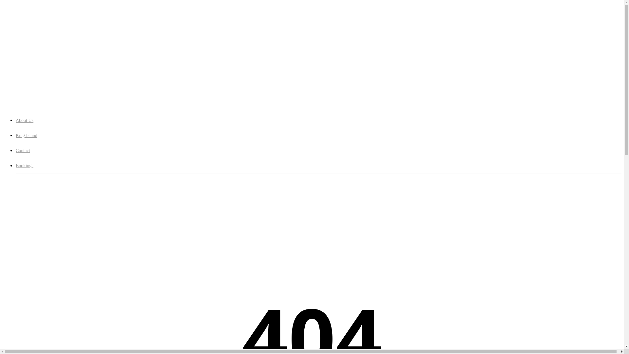 The height and width of the screenshot is (354, 629). What do you see at coordinates (2, 2) in the screenshot?
I see `'Skip to main content'` at bounding box center [2, 2].